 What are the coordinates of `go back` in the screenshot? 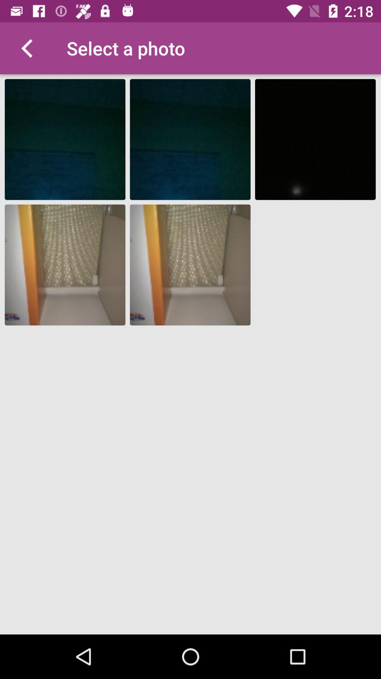 It's located at (25, 48).